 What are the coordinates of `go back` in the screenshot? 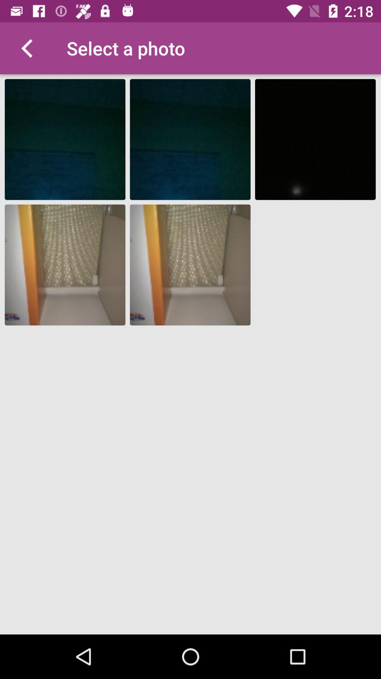 It's located at (25, 48).